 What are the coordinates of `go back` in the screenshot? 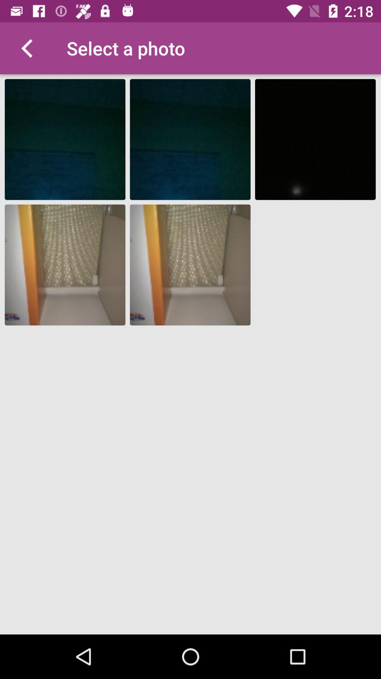 It's located at (25, 48).